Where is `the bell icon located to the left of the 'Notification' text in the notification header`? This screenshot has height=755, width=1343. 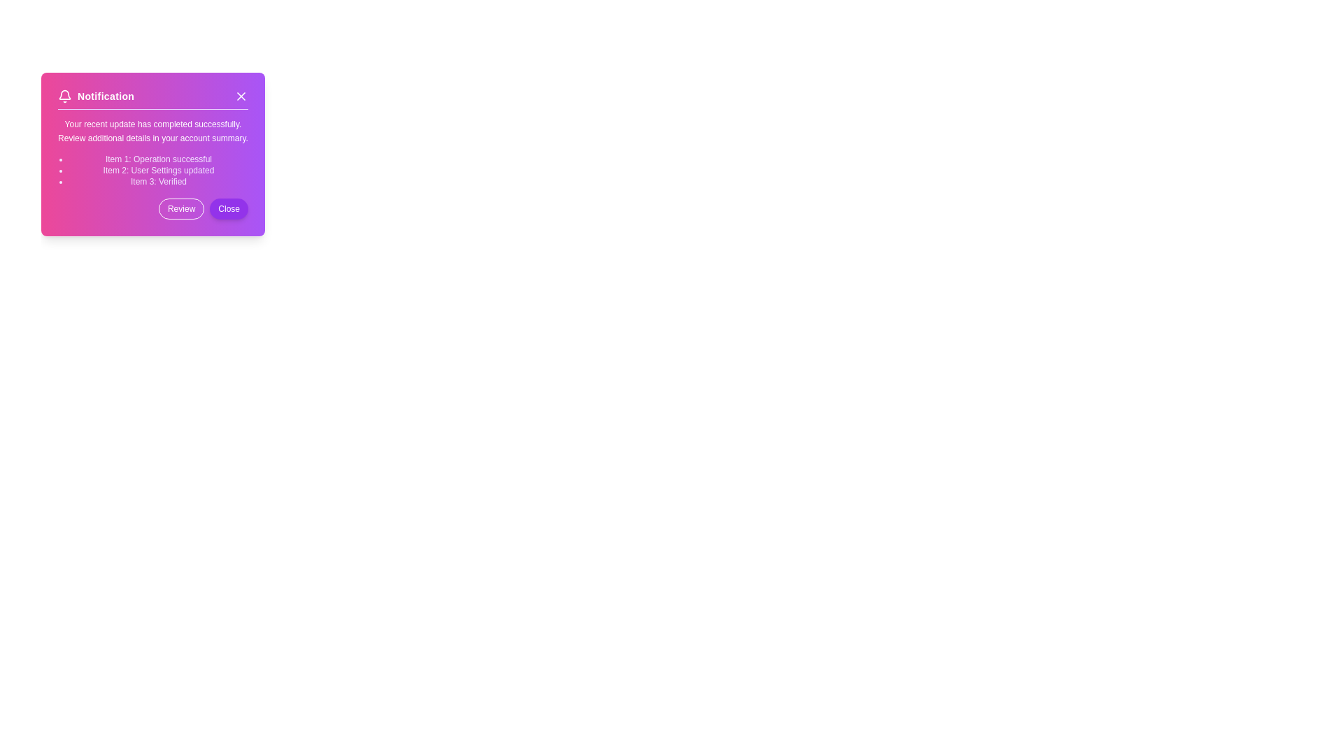
the bell icon located to the left of the 'Notification' text in the notification header is located at coordinates (64, 96).